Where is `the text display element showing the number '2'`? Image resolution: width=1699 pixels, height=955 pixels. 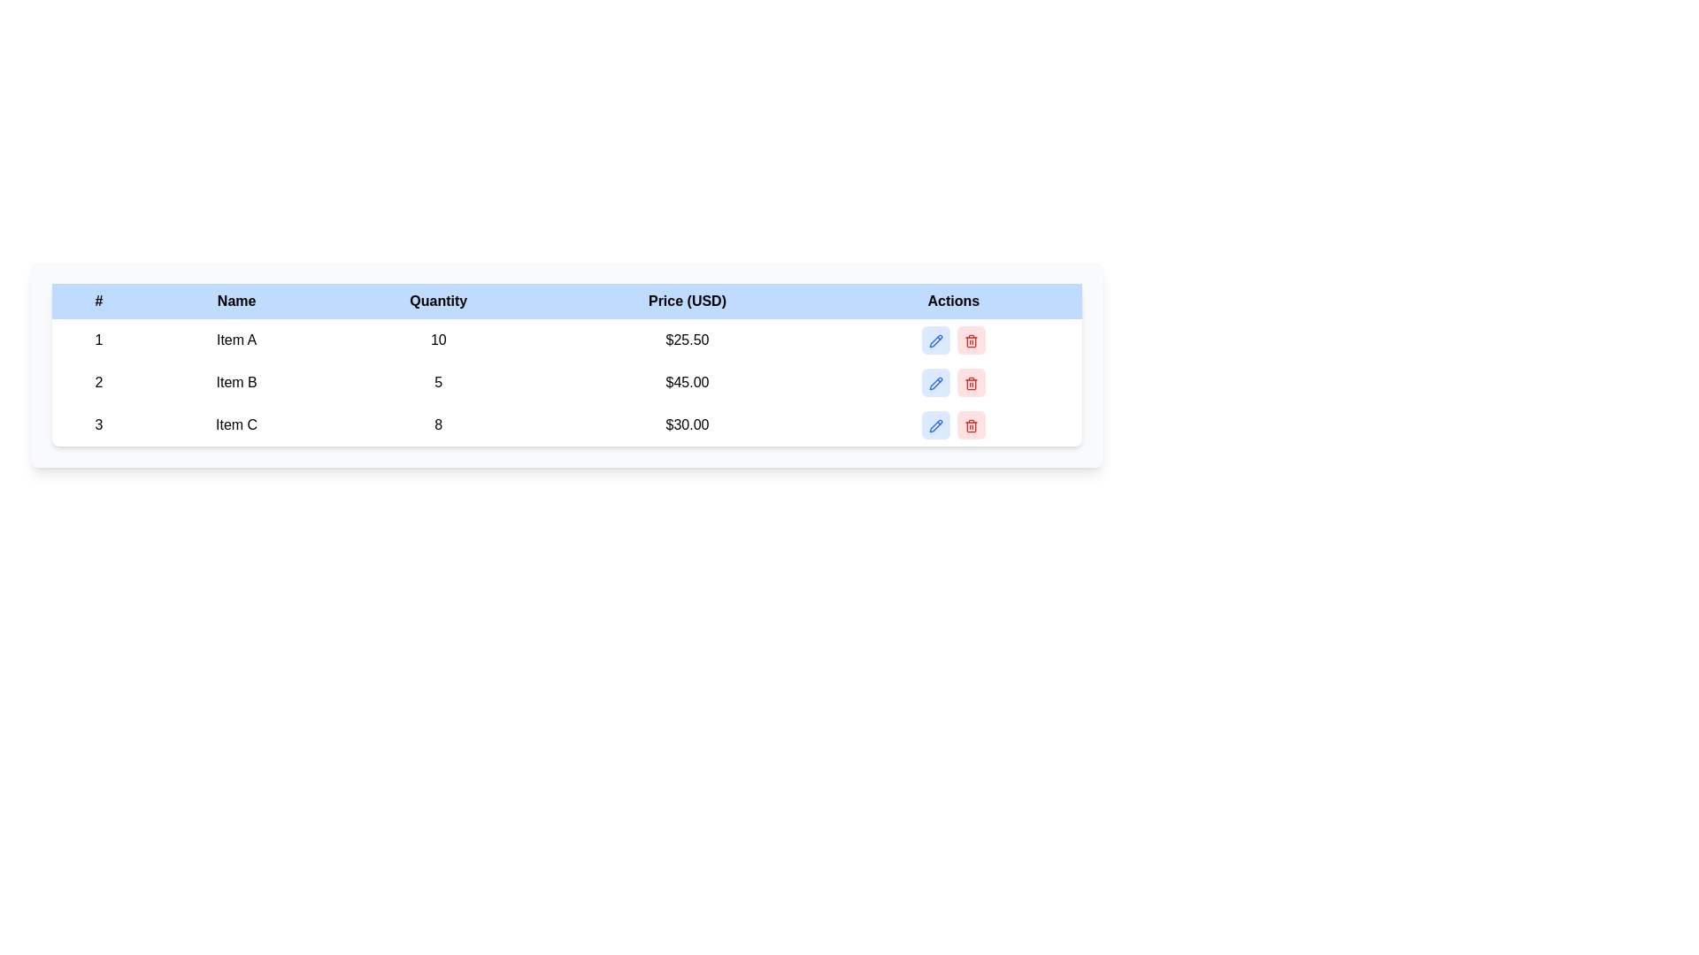
the text display element showing the number '2' is located at coordinates (97, 381).